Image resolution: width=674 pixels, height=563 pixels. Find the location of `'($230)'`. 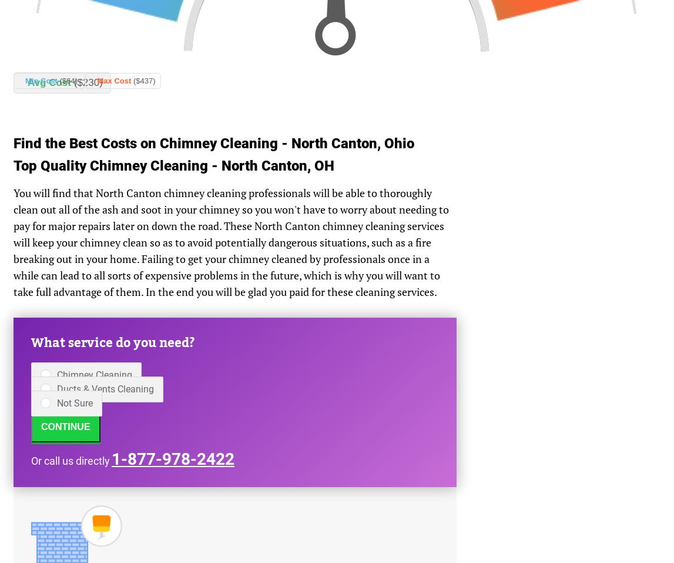

'($230)' is located at coordinates (88, 82).